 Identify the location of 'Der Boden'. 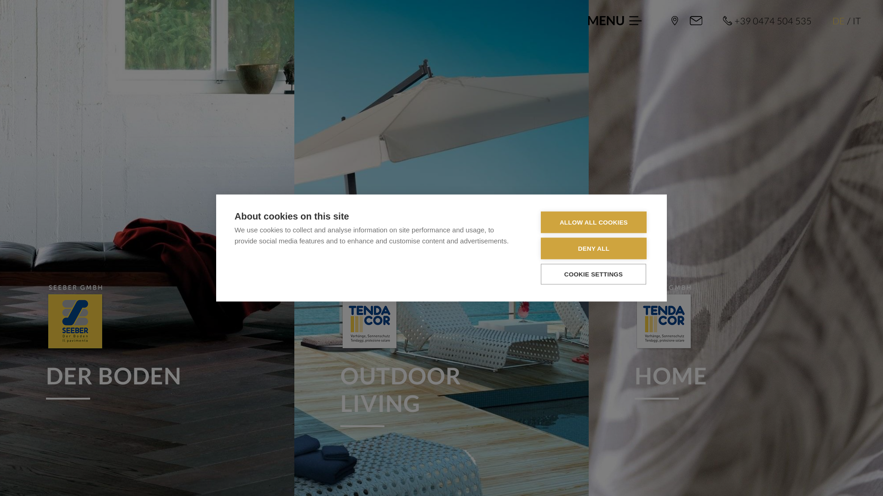
(75, 318).